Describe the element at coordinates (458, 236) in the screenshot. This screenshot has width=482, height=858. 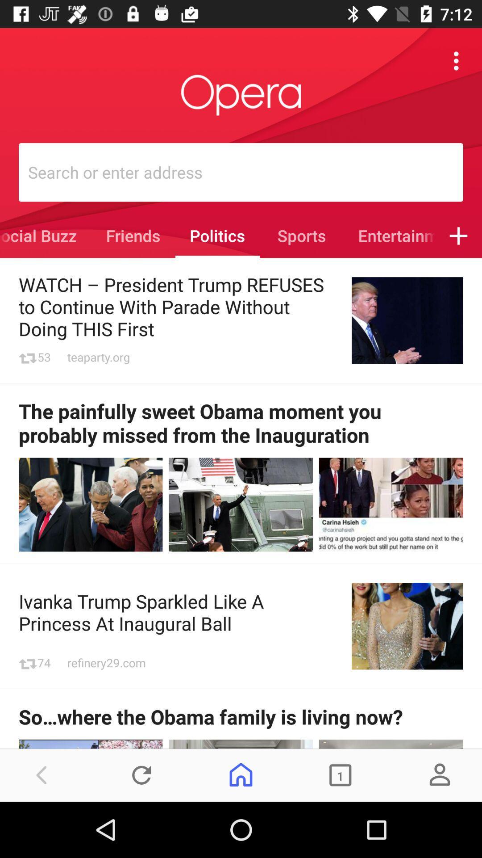
I see `the add icon` at that location.